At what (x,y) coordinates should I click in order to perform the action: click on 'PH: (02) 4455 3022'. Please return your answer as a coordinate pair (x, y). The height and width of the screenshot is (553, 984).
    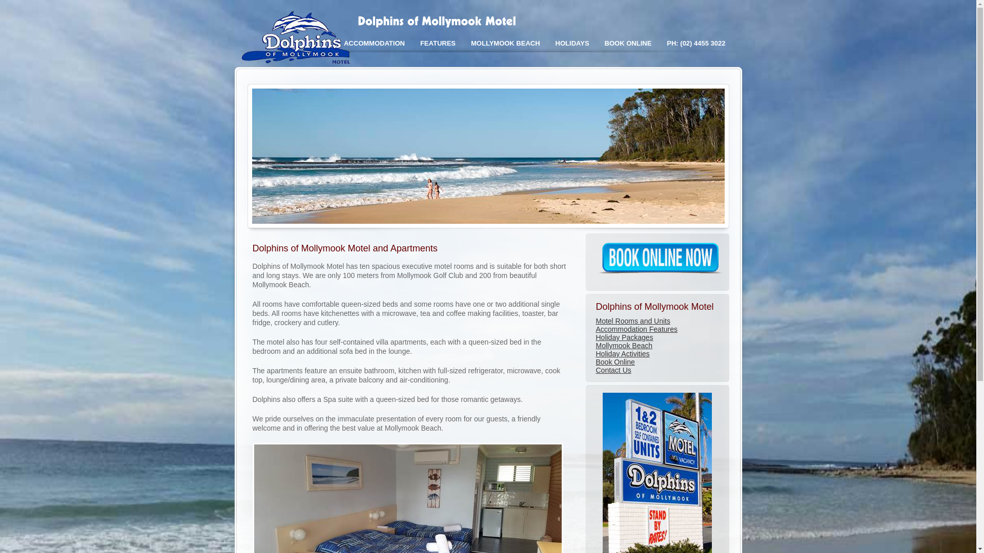
    Looking at the image, I should click on (696, 42).